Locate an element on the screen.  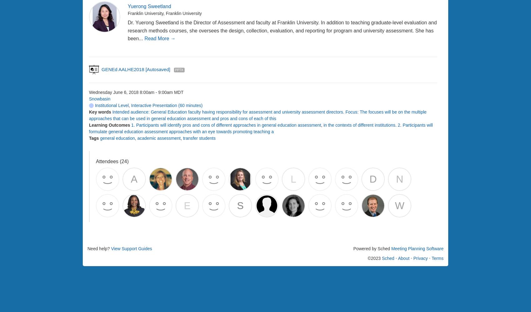
'Institutional Level' is located at coordinates (111, 105).